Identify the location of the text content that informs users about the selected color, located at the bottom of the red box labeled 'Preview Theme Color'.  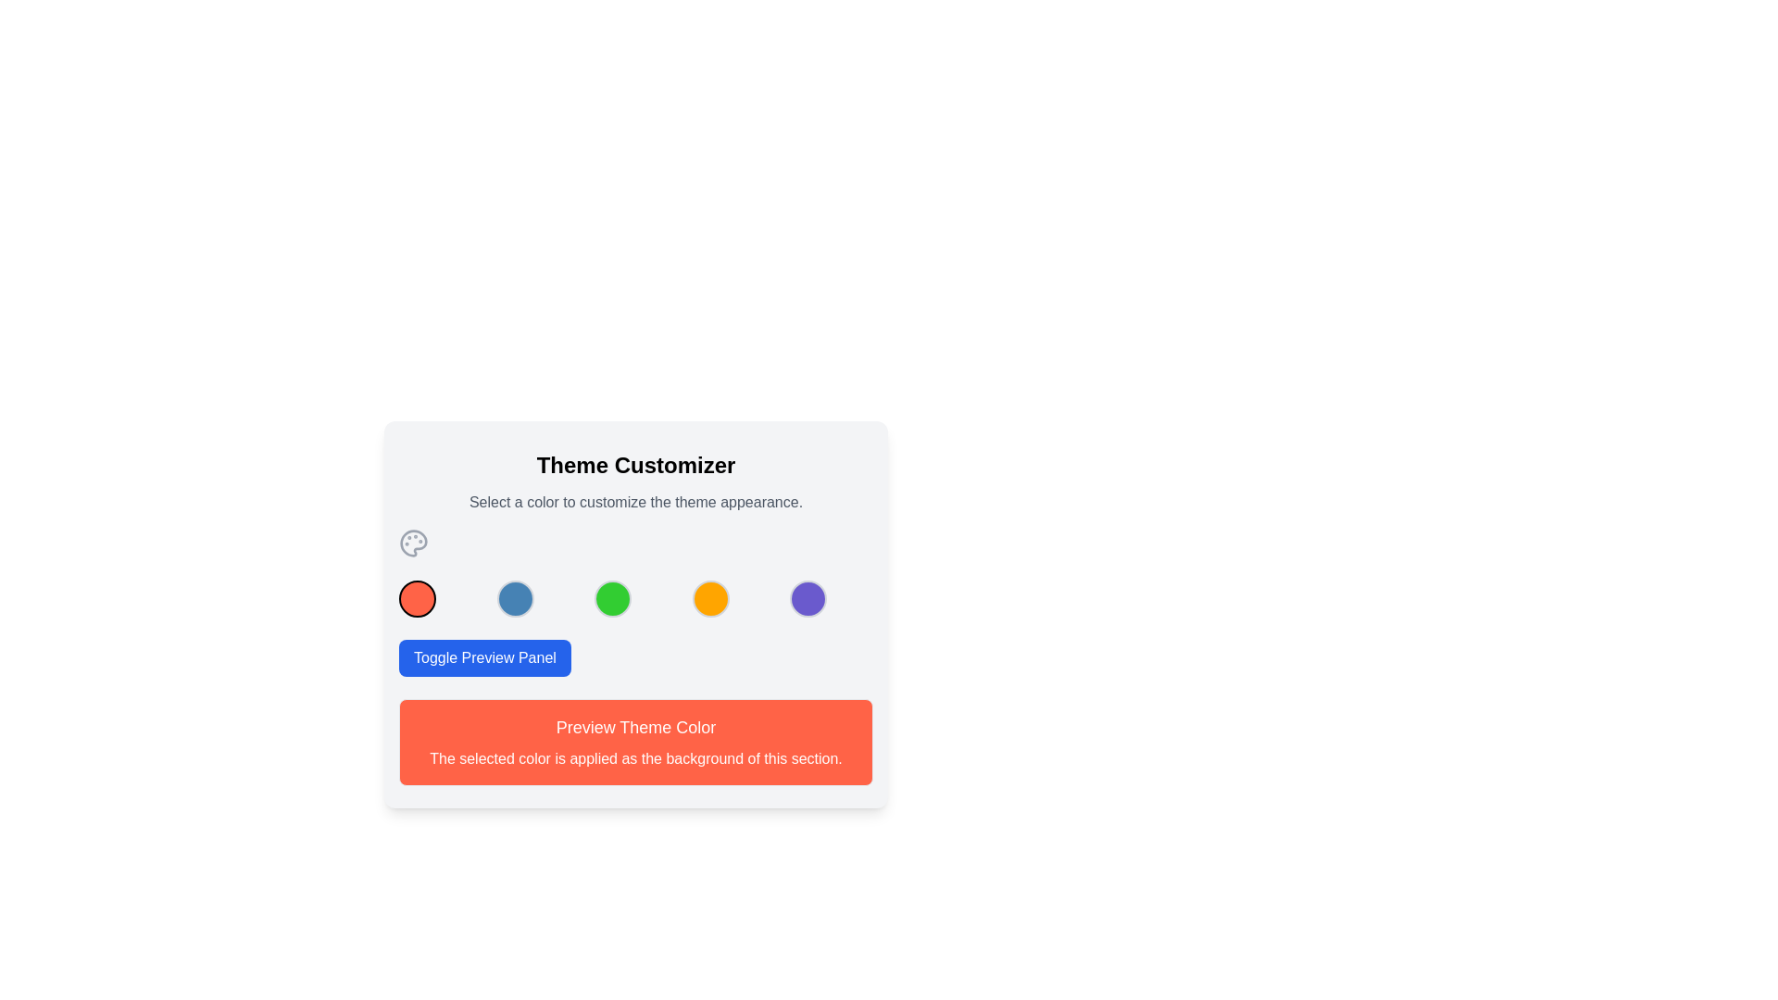
(635, 759).